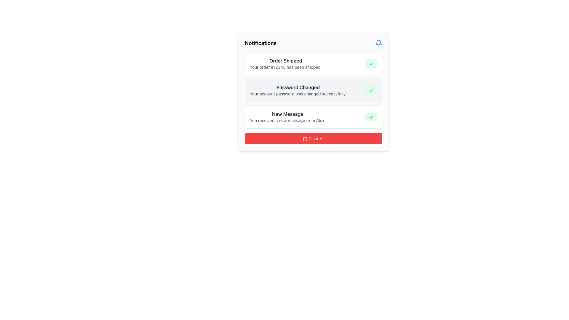  What do you see at coordinates (313, 91) in the screenshot?
I see `the second notification item that informs the user about their account password being successfully changed` at bounding box center [313, 91].